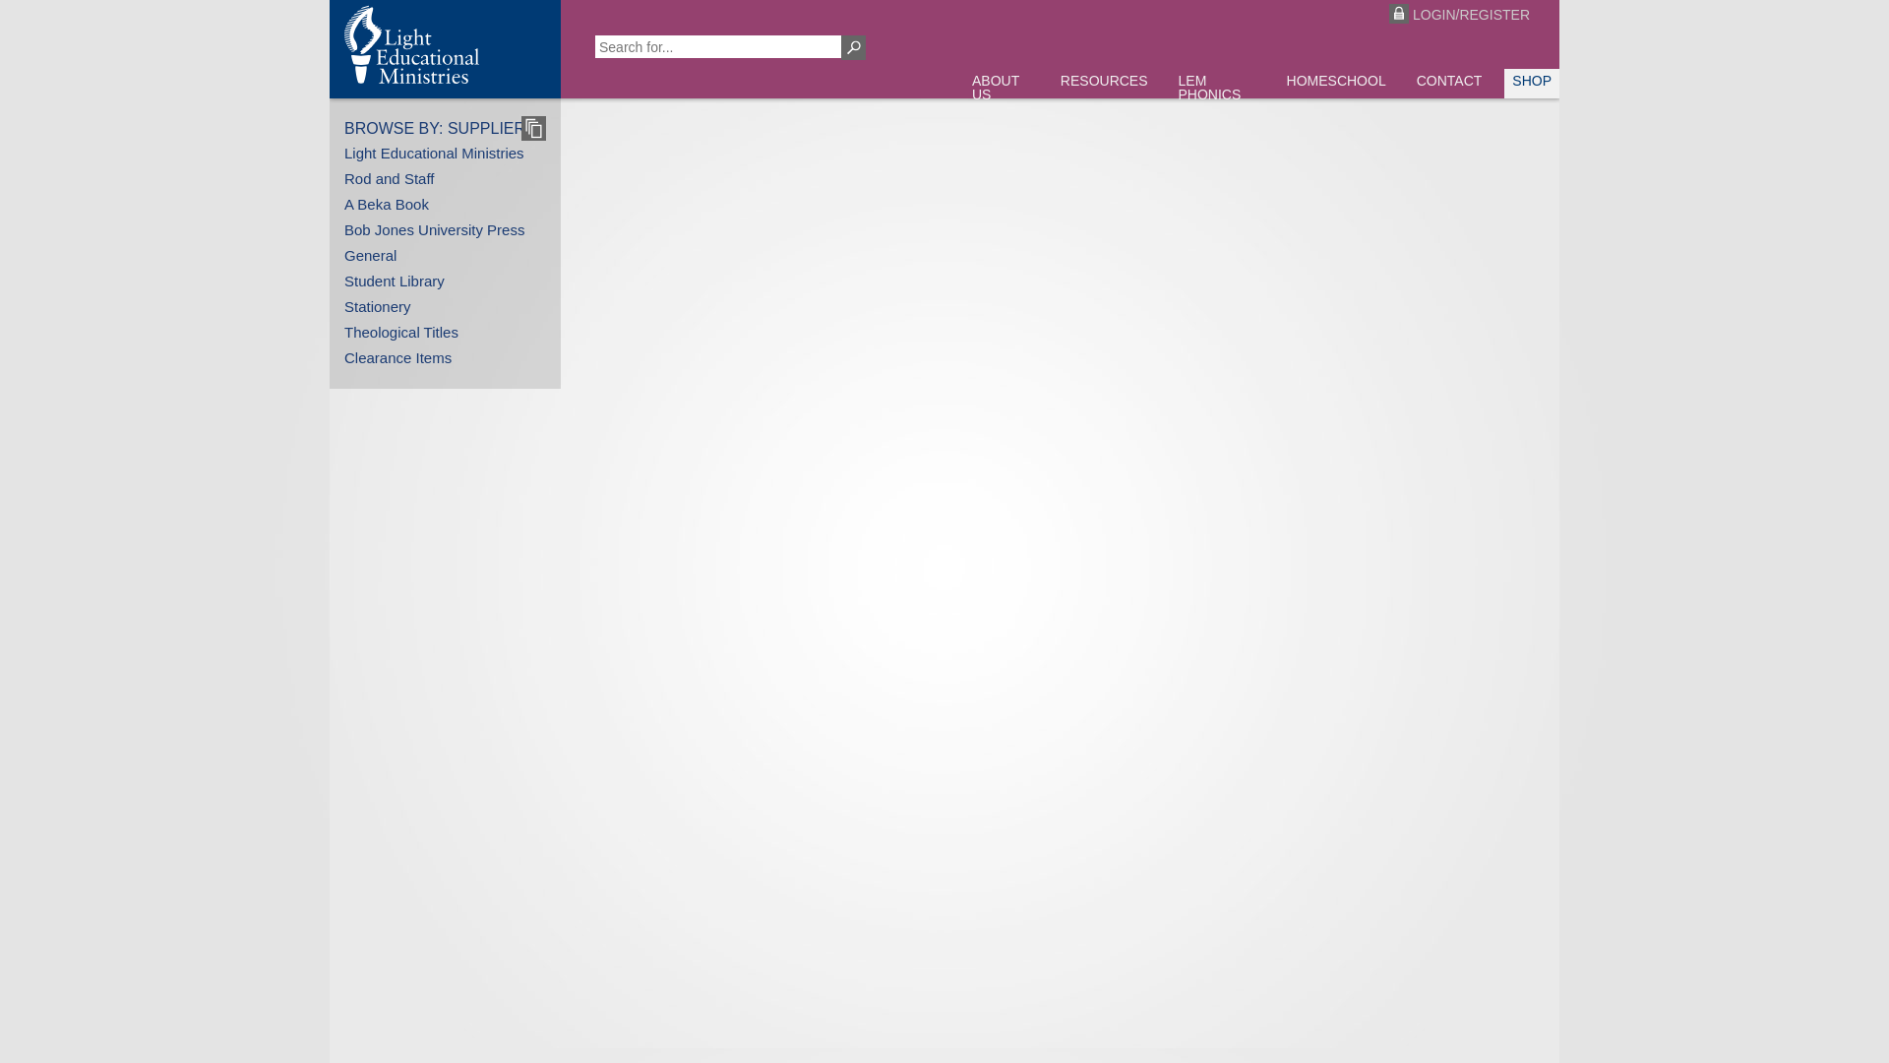 The image size is (1889, 1063). Describe the element at coordinates (1369, 15) in the screenshot. I see `' LOGIN/REGISTER'` at that location.